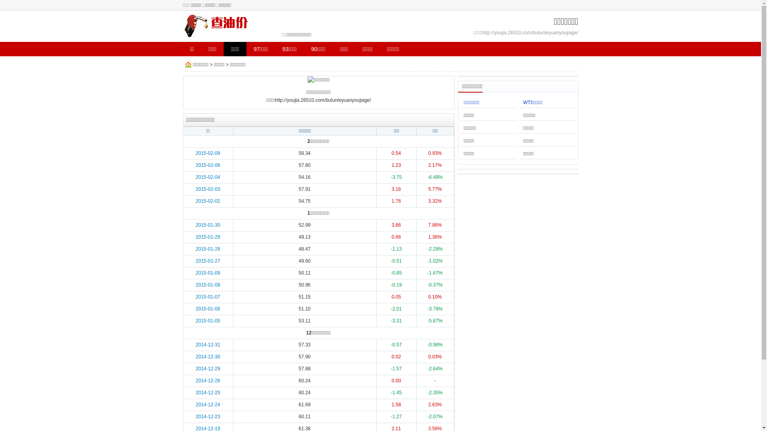 The image size is (767, 431). I want to click on '2015-02-06', so click(208, 164).